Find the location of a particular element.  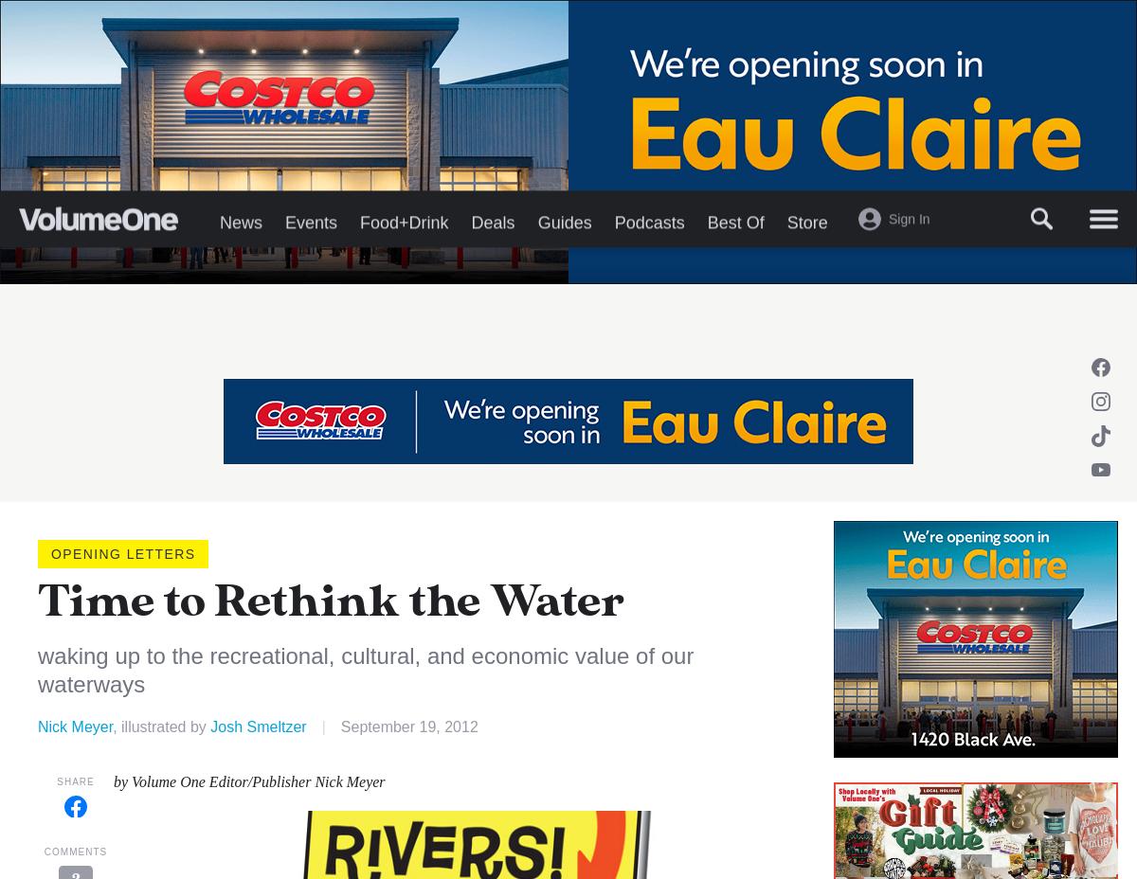

'Josh Smeltzer' is located at coordinates (209, 725).